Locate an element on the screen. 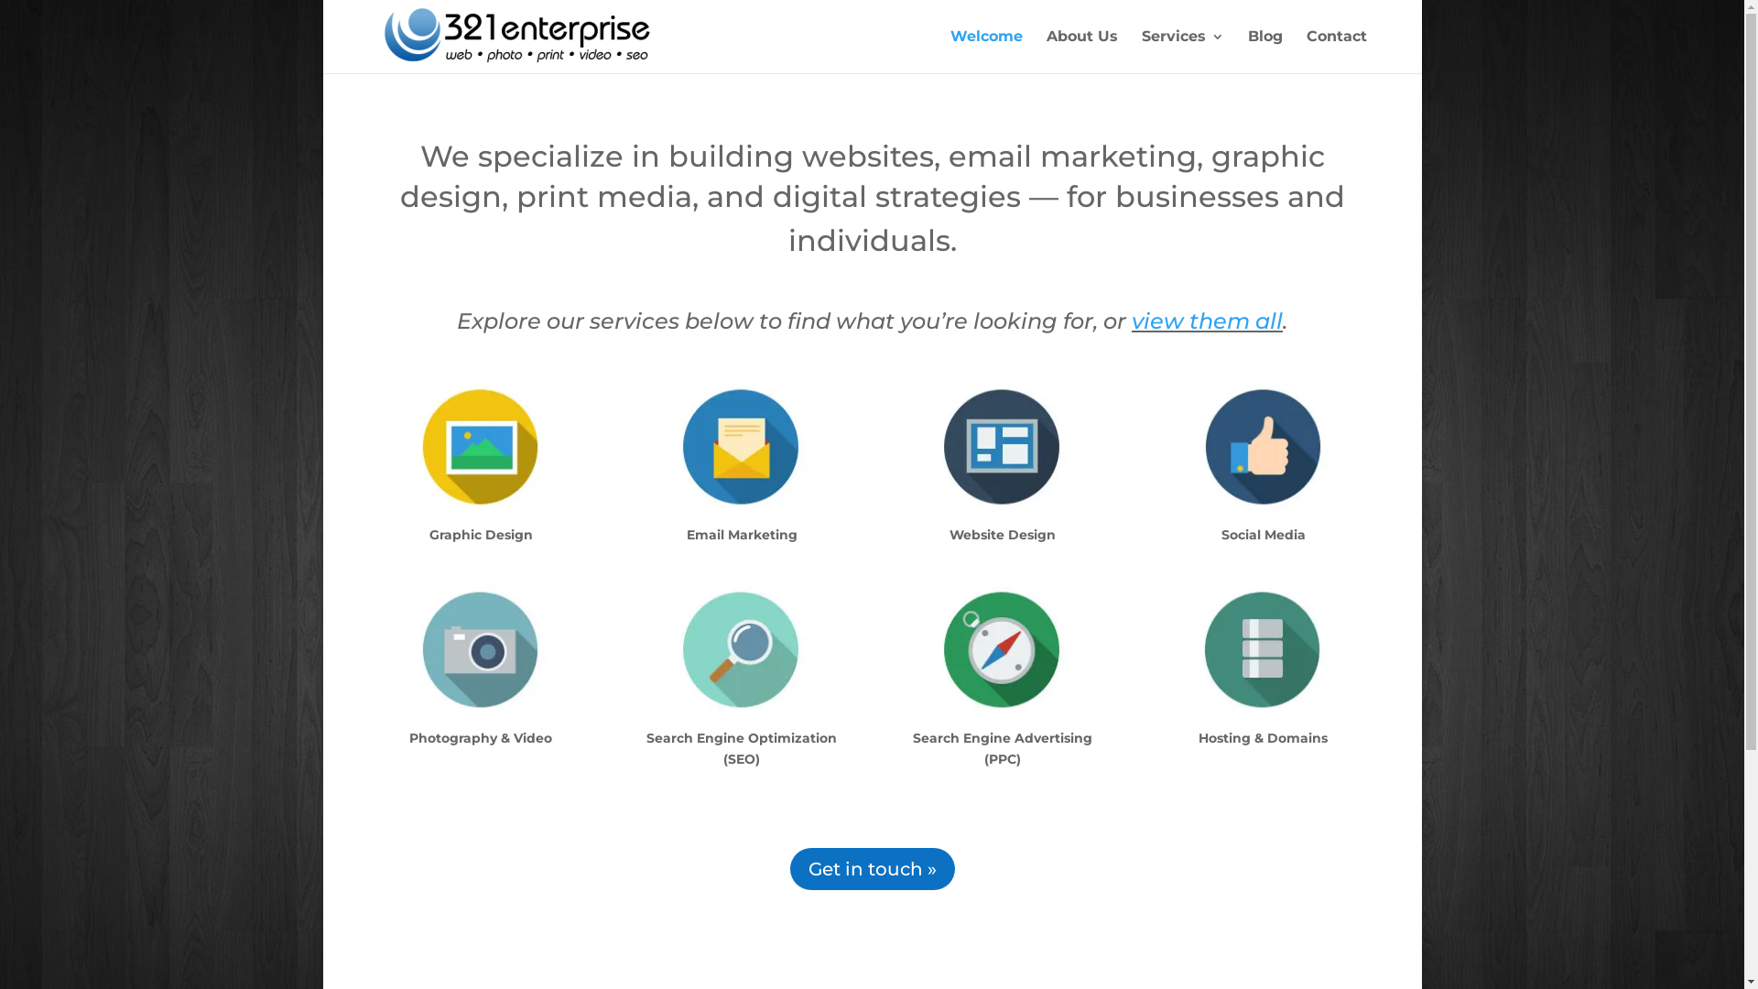 The image size is (1758, 989). 'picture-tout' is located at coordinates (480, 447).